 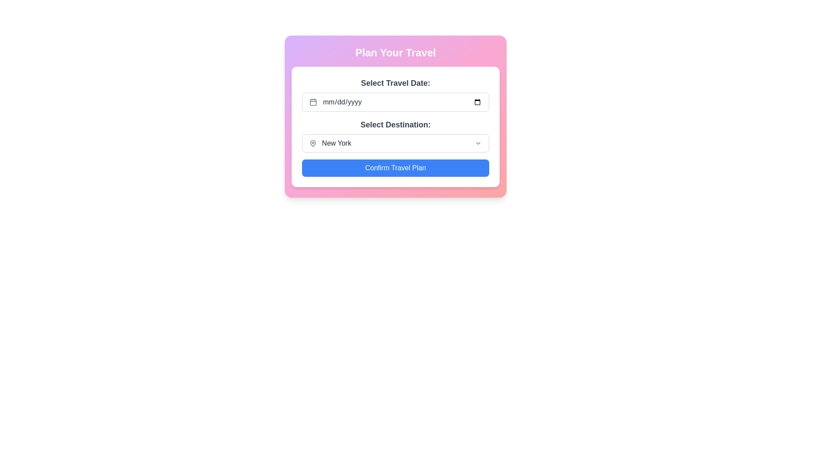 I want to click on the dropdown menu for selecting a travel destination, located beneath the 'Select Destination:' title and above the 'Confirm Travel Plan' button, so click(x=395, y=143).